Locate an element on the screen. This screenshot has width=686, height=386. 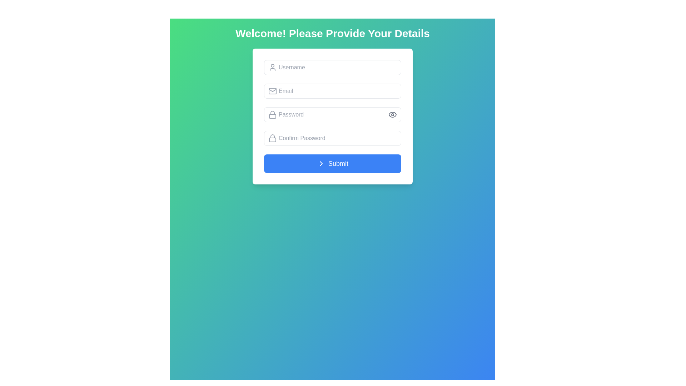
the decorative graphical representation within the envelope icon located to the left of the email input field in the registration form interface is located at coordinates (272, 89).